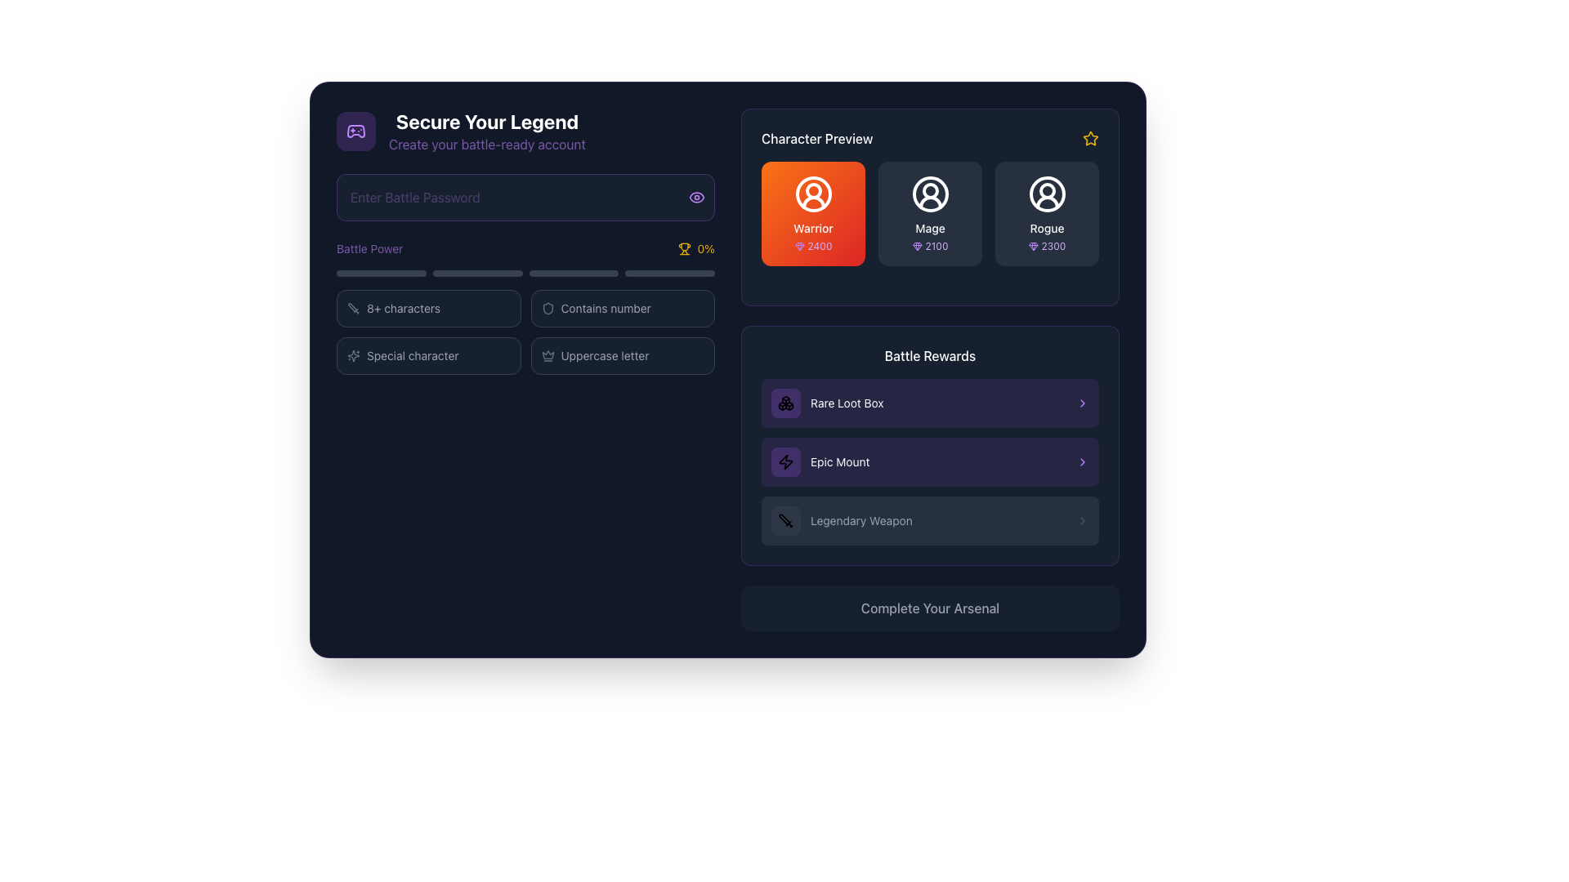 The width and height of the screenshot is (1569, 882). I want to click on the informational item labeled 'Uppercase letter' with a crown icon, located in the password criteria section under 'Battle Power', so click(622, 354).